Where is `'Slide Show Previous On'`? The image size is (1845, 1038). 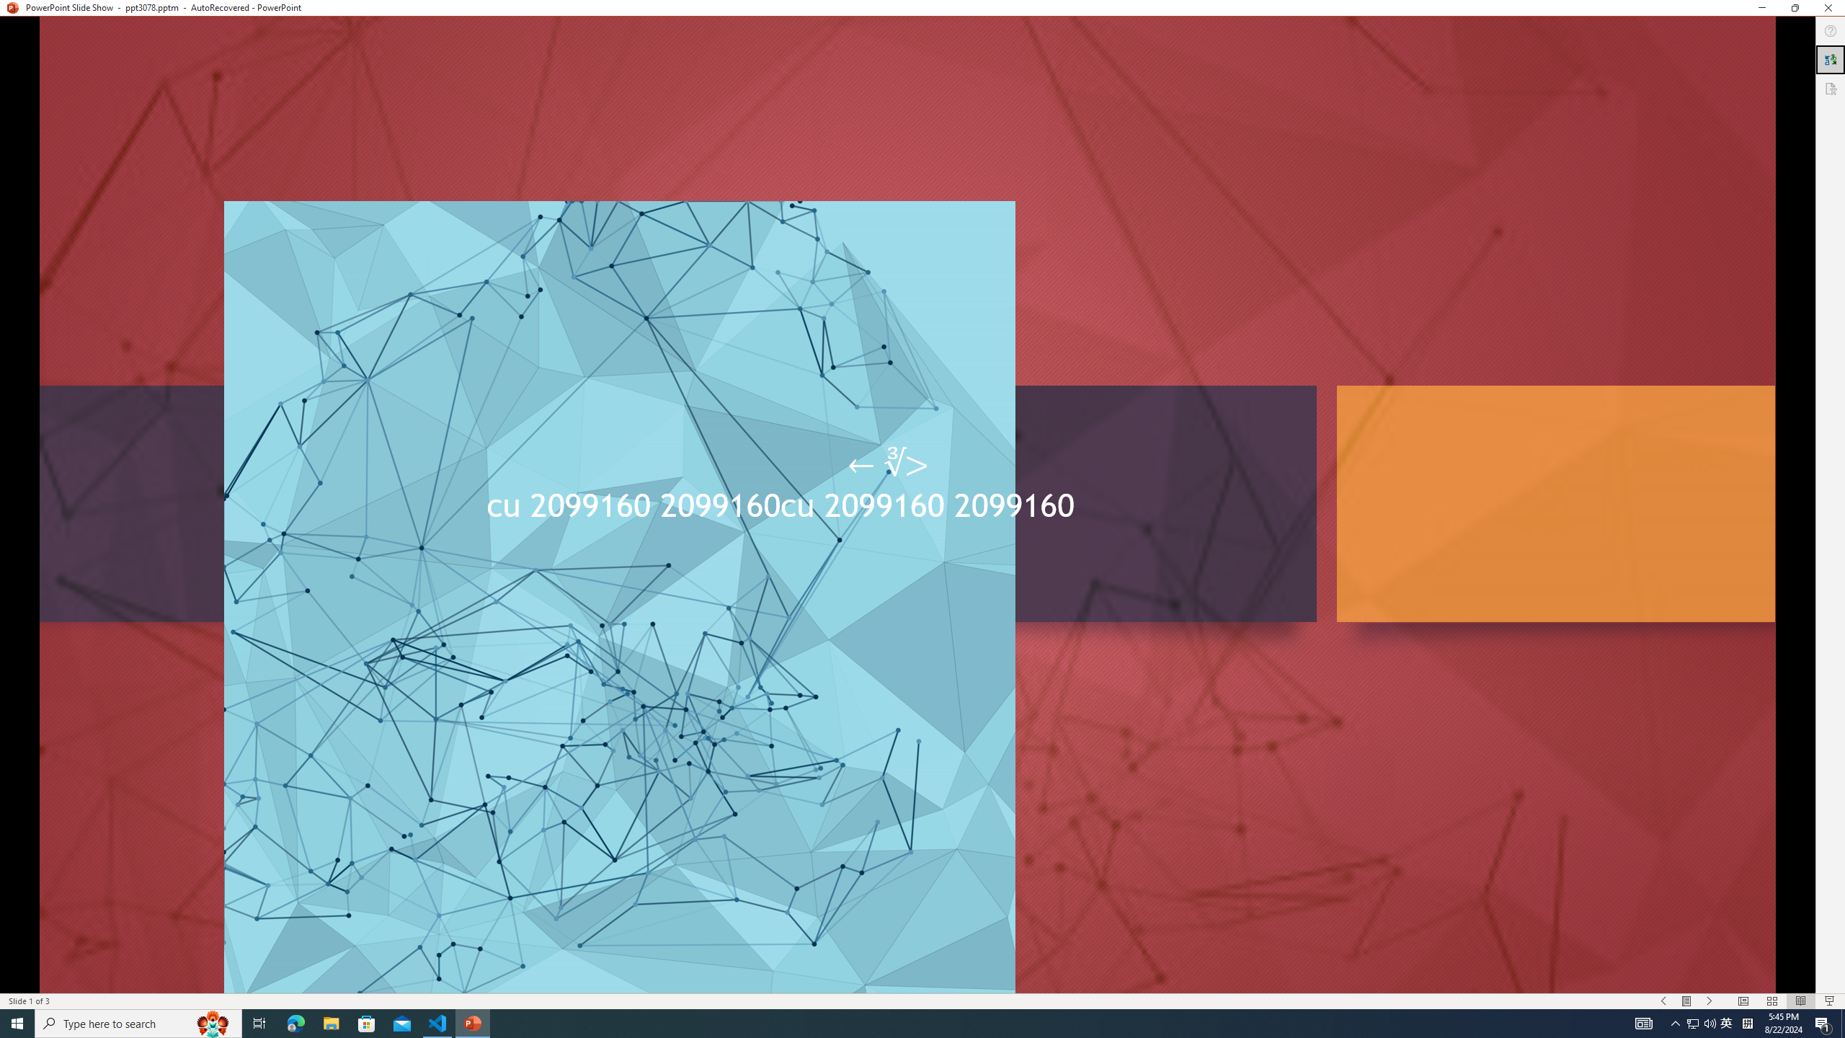
'Slide Show Previous On' is located at coordinates (1663, 1001).